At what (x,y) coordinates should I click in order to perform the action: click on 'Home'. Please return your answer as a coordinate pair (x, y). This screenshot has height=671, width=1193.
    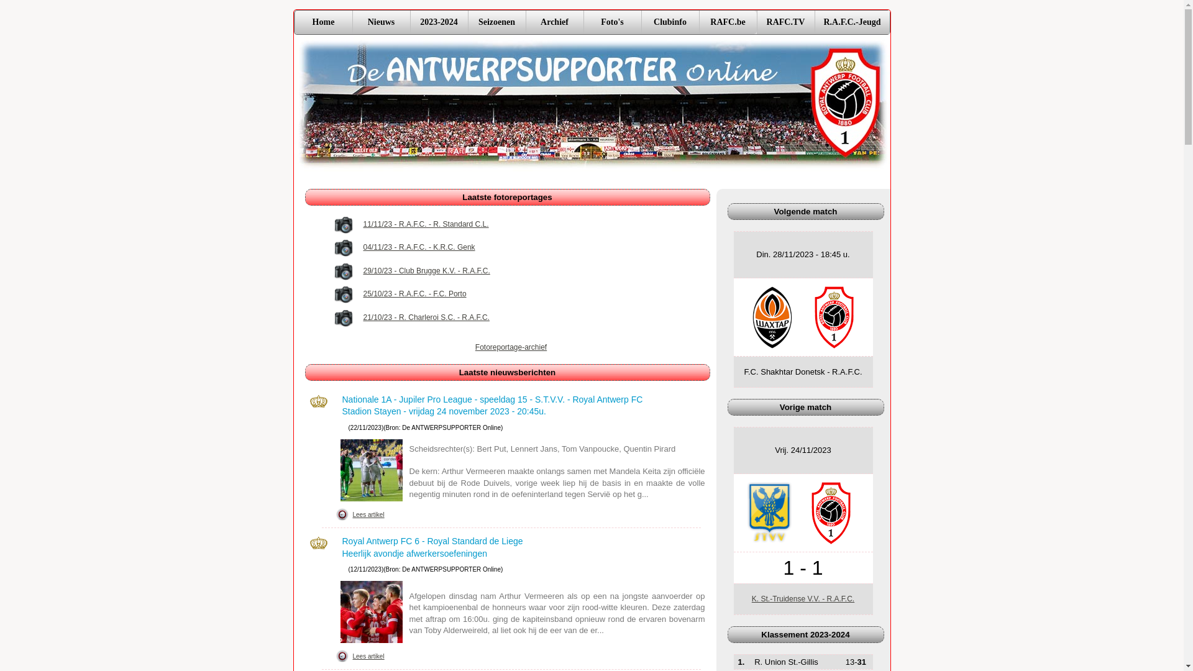
    Looking at the image, I should click on (294, 22).